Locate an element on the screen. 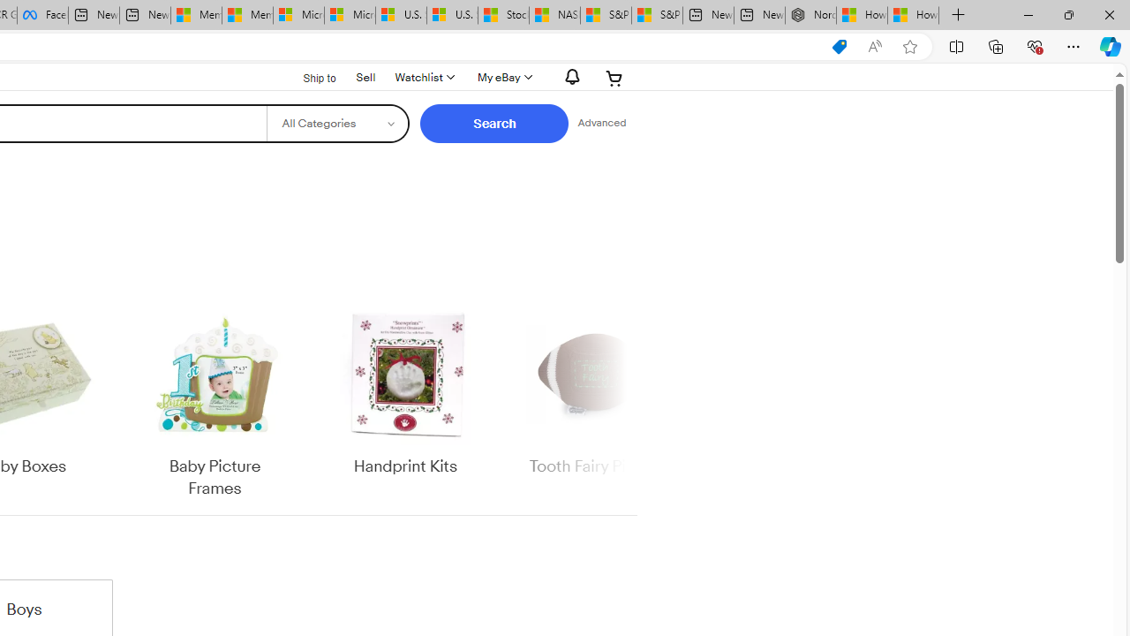 This screenshot has width=1130, height=636. 'Restore' is located at coordinates (1067, 14).